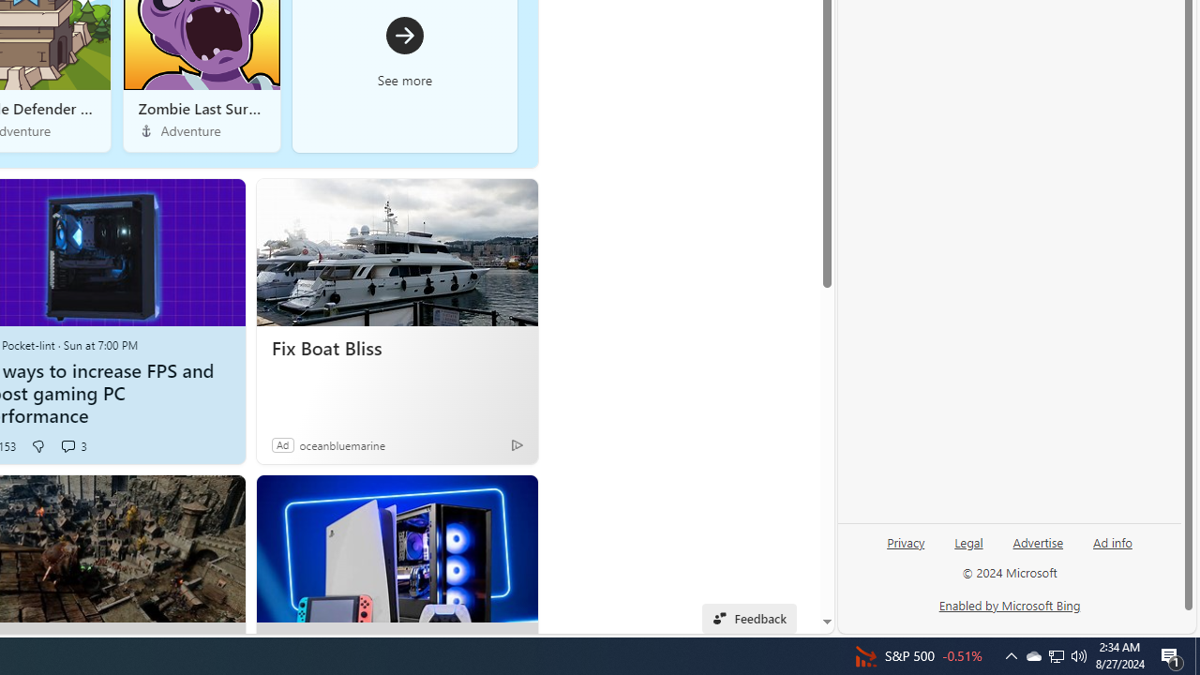 This screenshot has height=675, width=1200. What do you see at coordinates (396, 348) in the screenshot?
I see `'Fix Boat Bliss'` at bounding box center [396, 348].